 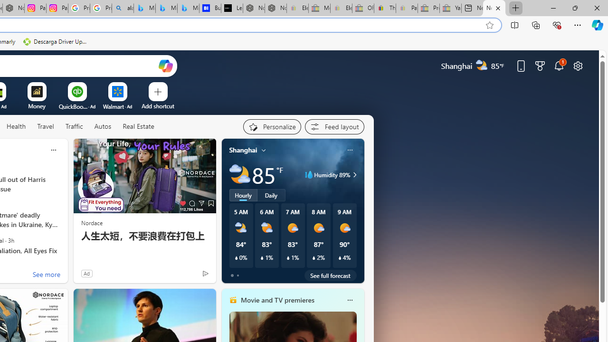 What do you see at coordinates (243, 195) in the screenshot?
I see `'Hourly'` at bounding box center [243, 195].